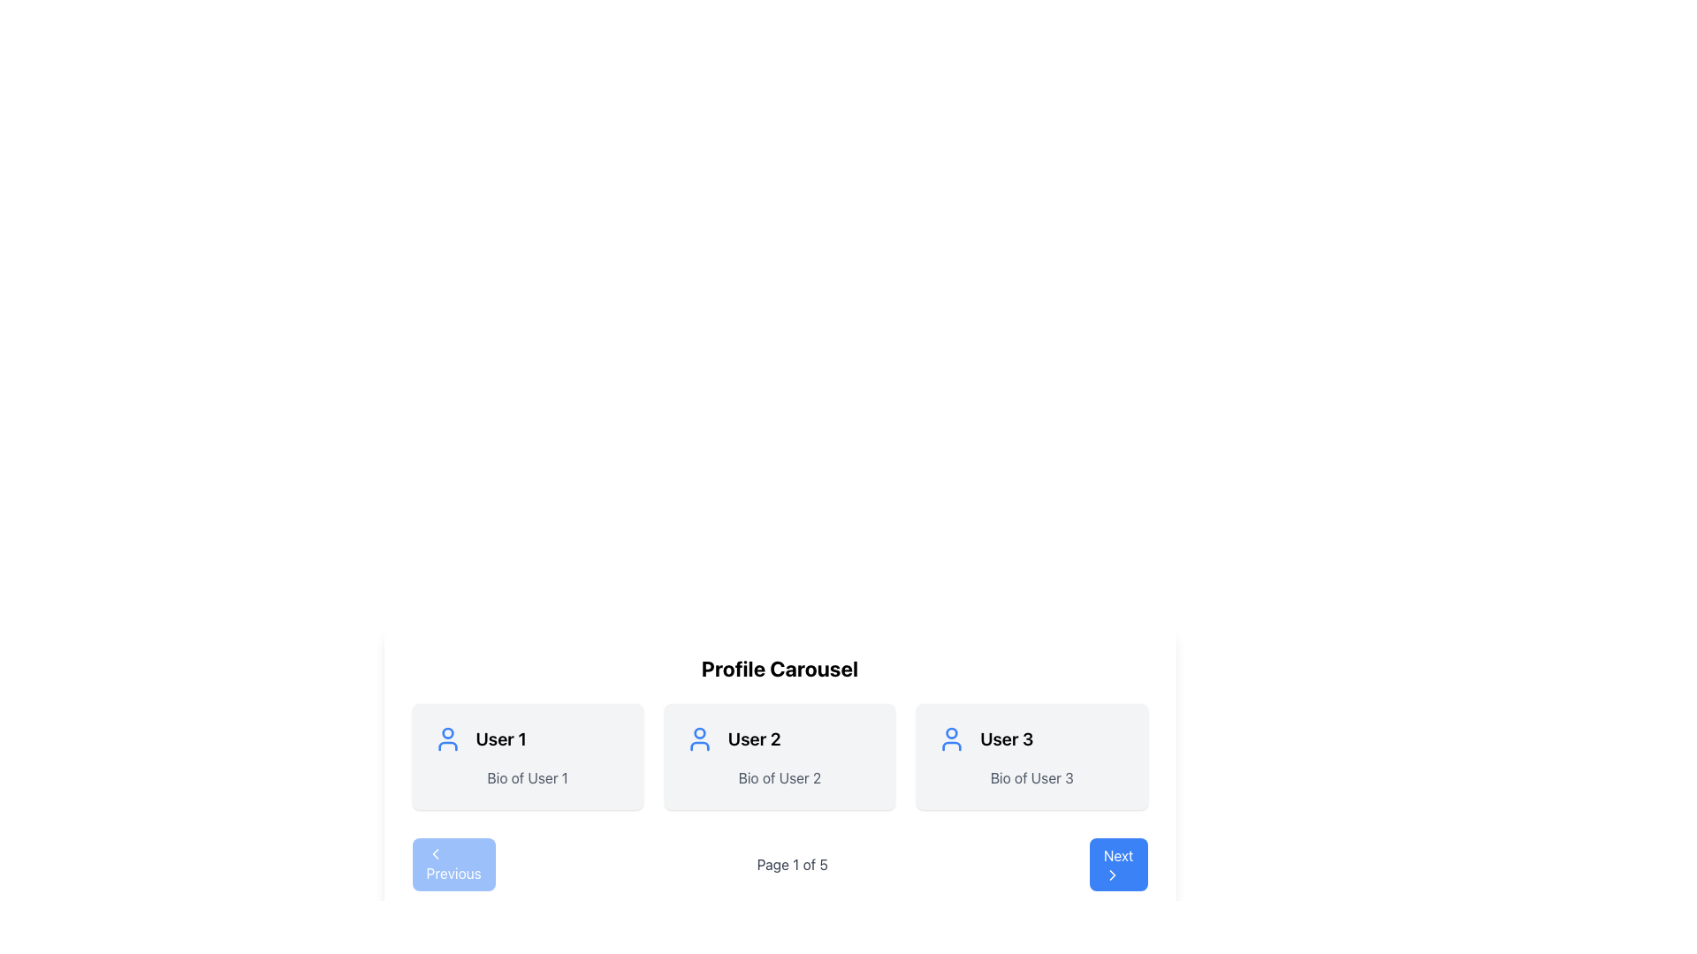 This screenshot has height=954, width=1697. I want to click on the rightmost navigation button at the bottom of the interface, so click(1117, 864).